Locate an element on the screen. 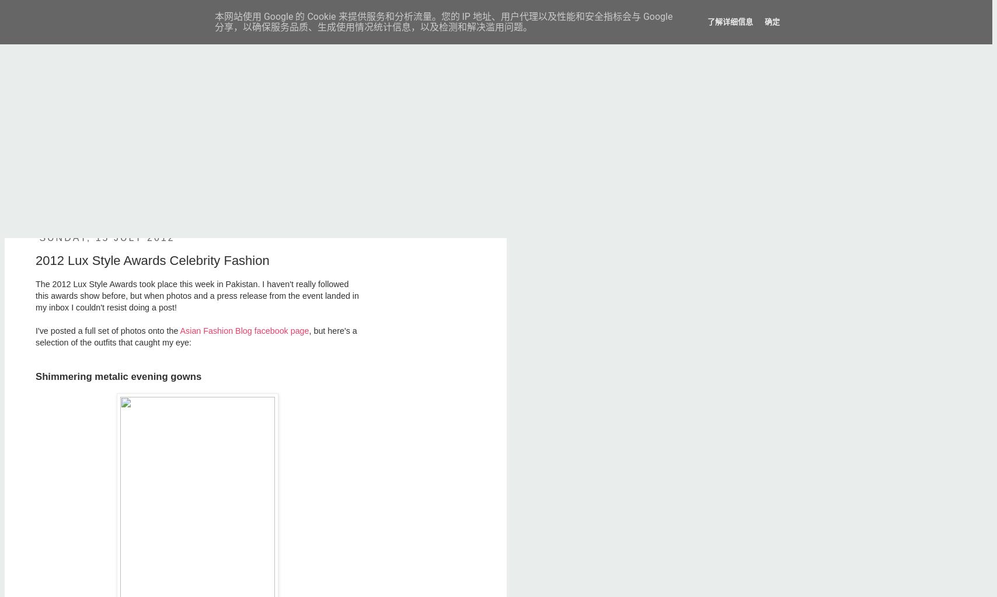 This screenshot has height=597, width=997. 'Contact' is located at coordinates (57, 194).